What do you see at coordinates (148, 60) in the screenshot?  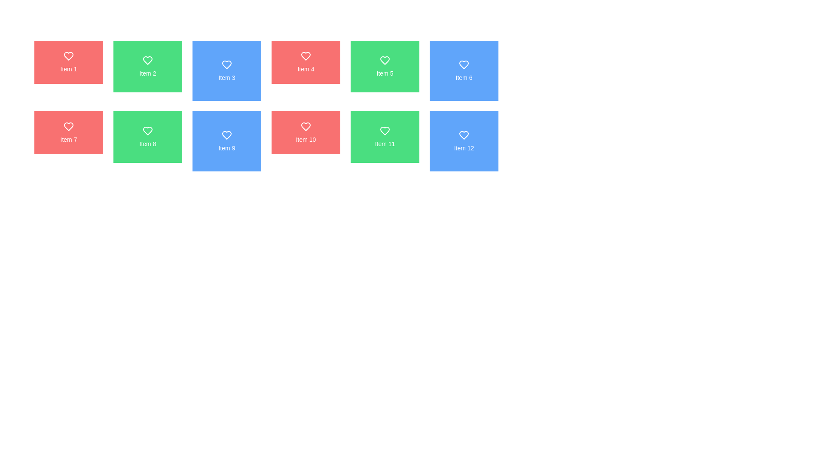 I see `the heart-shaped icon with a white outline located within the green button labeled 'Item 2' to favorite or like the item` at bounding box center [148, 60].